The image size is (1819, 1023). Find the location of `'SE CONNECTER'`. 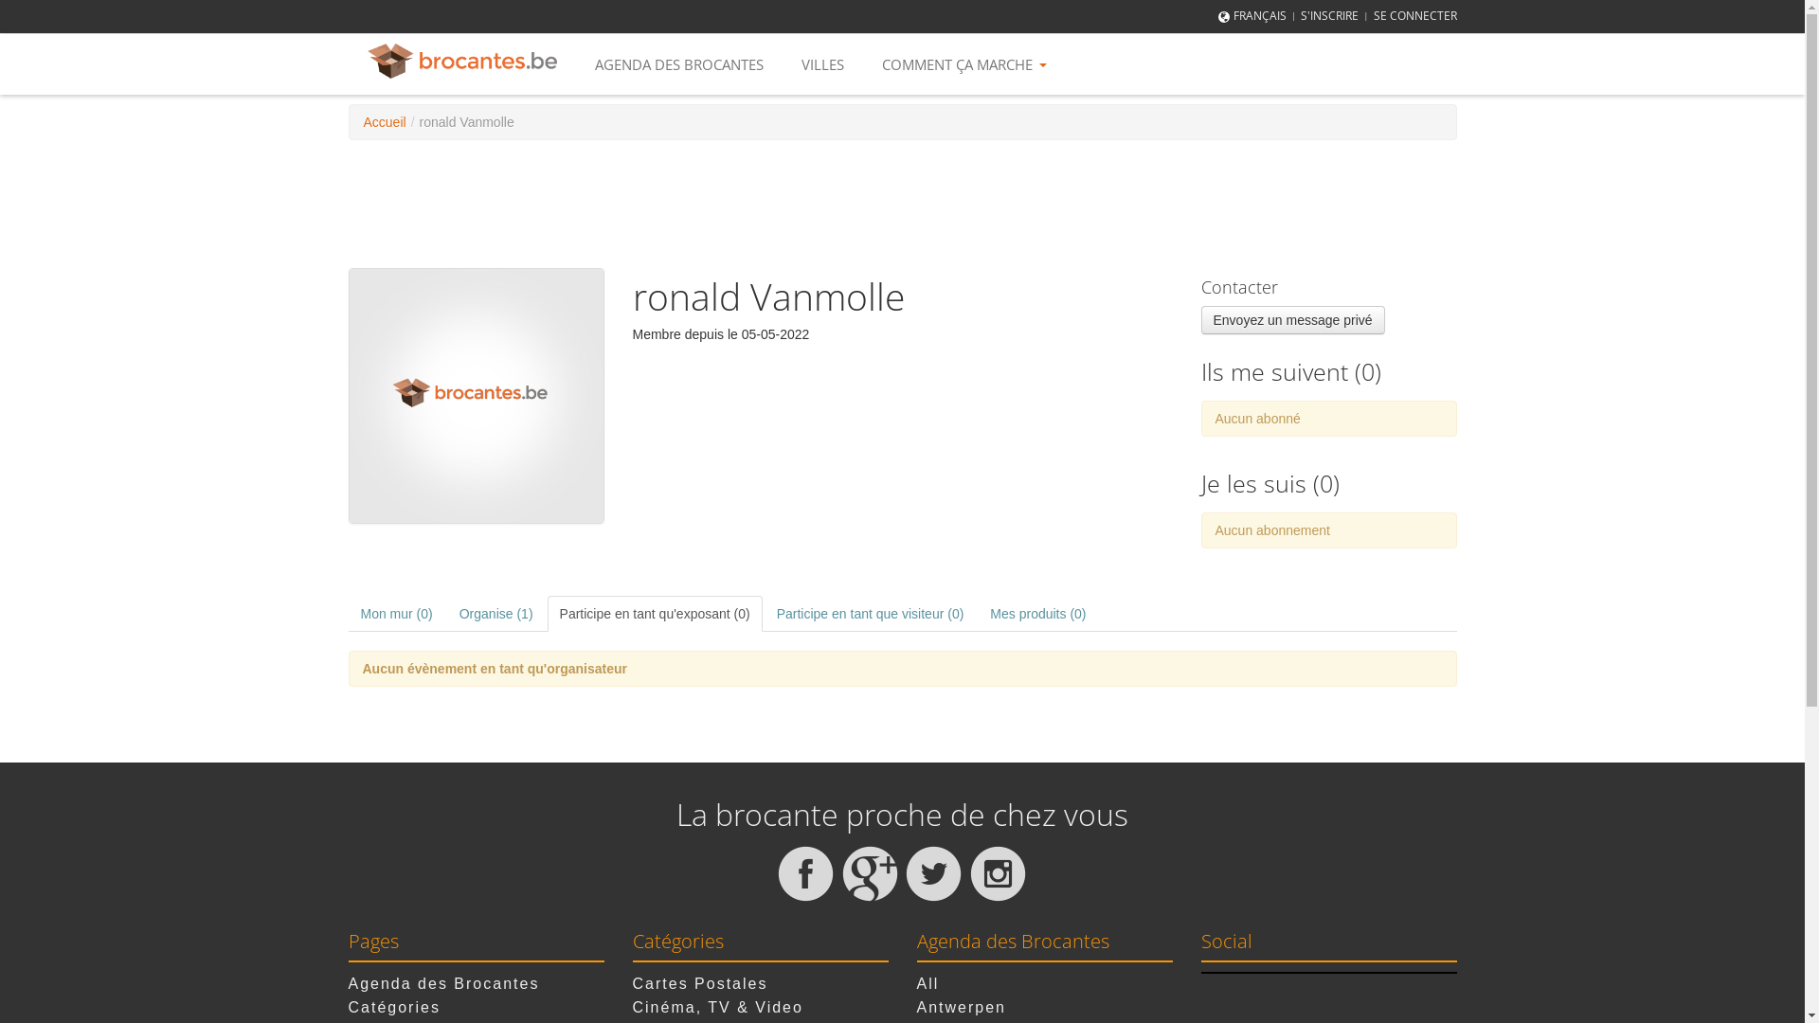

'SE CONNECTER' is located at coordinates (1414, 15).